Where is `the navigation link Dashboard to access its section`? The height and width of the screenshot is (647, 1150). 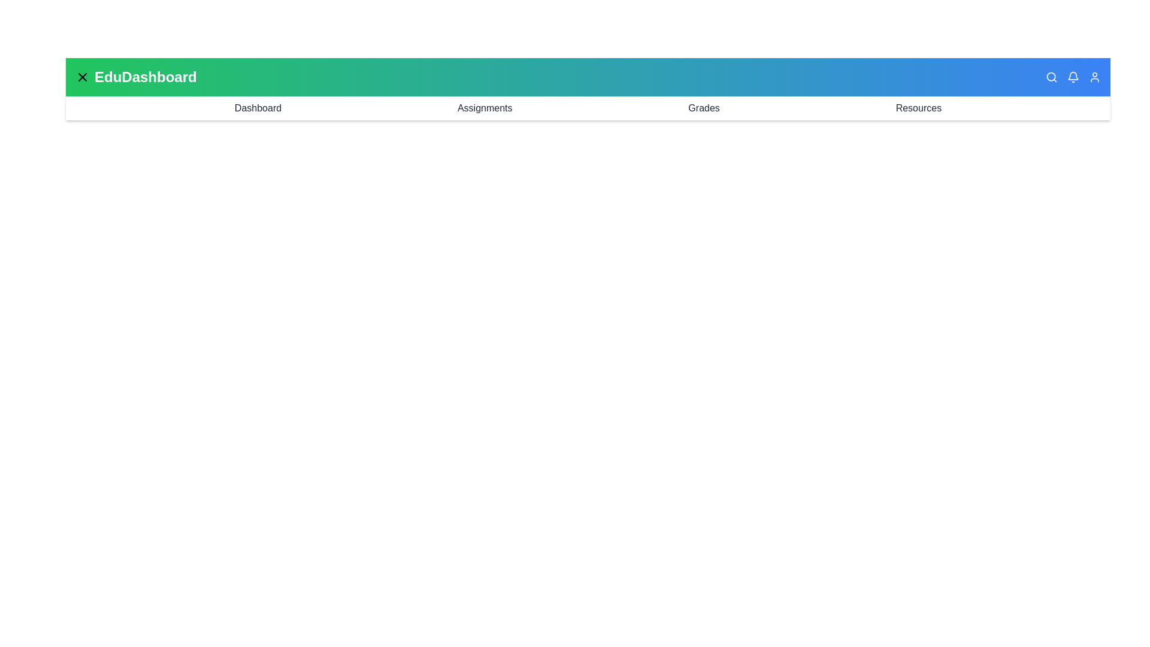
the navigation link Dashboard to access its section is located at coordinates (258, 108).